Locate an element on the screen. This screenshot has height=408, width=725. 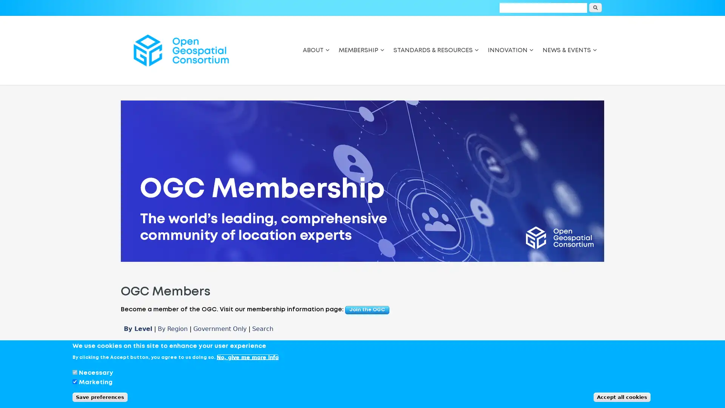
Accept all cookies is located at coordinates (622, 397).